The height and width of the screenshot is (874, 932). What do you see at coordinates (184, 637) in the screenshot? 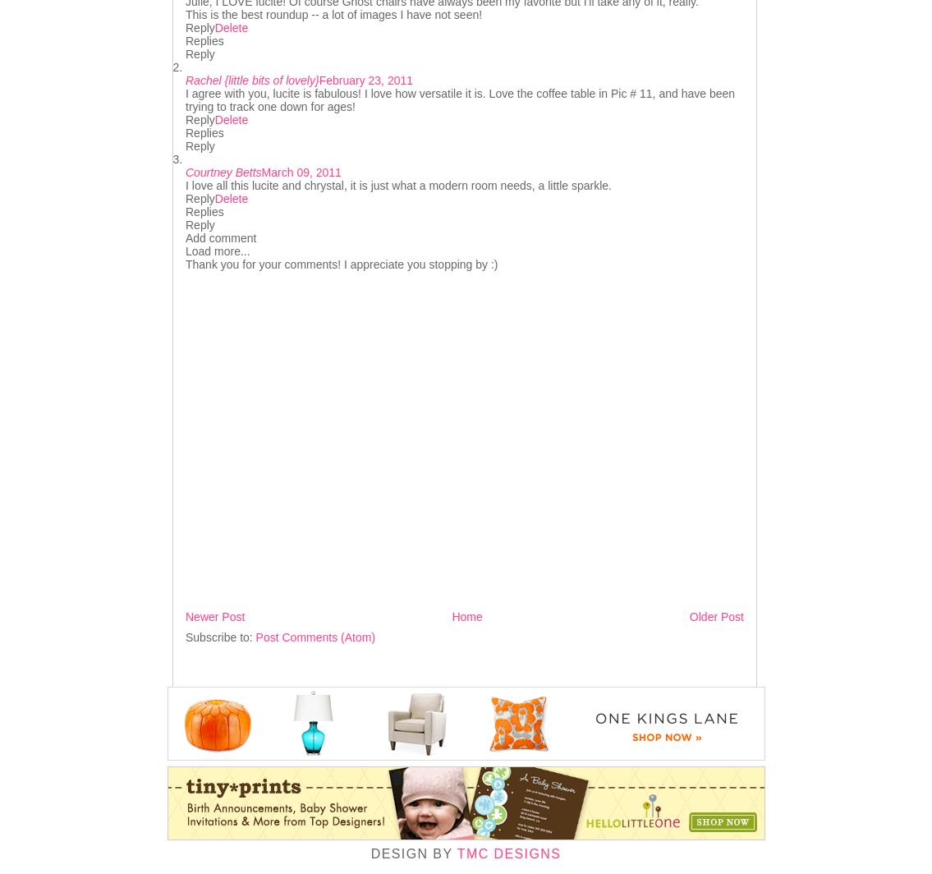
I see `'Subscribe to:'` at bounding box center [184, 637].